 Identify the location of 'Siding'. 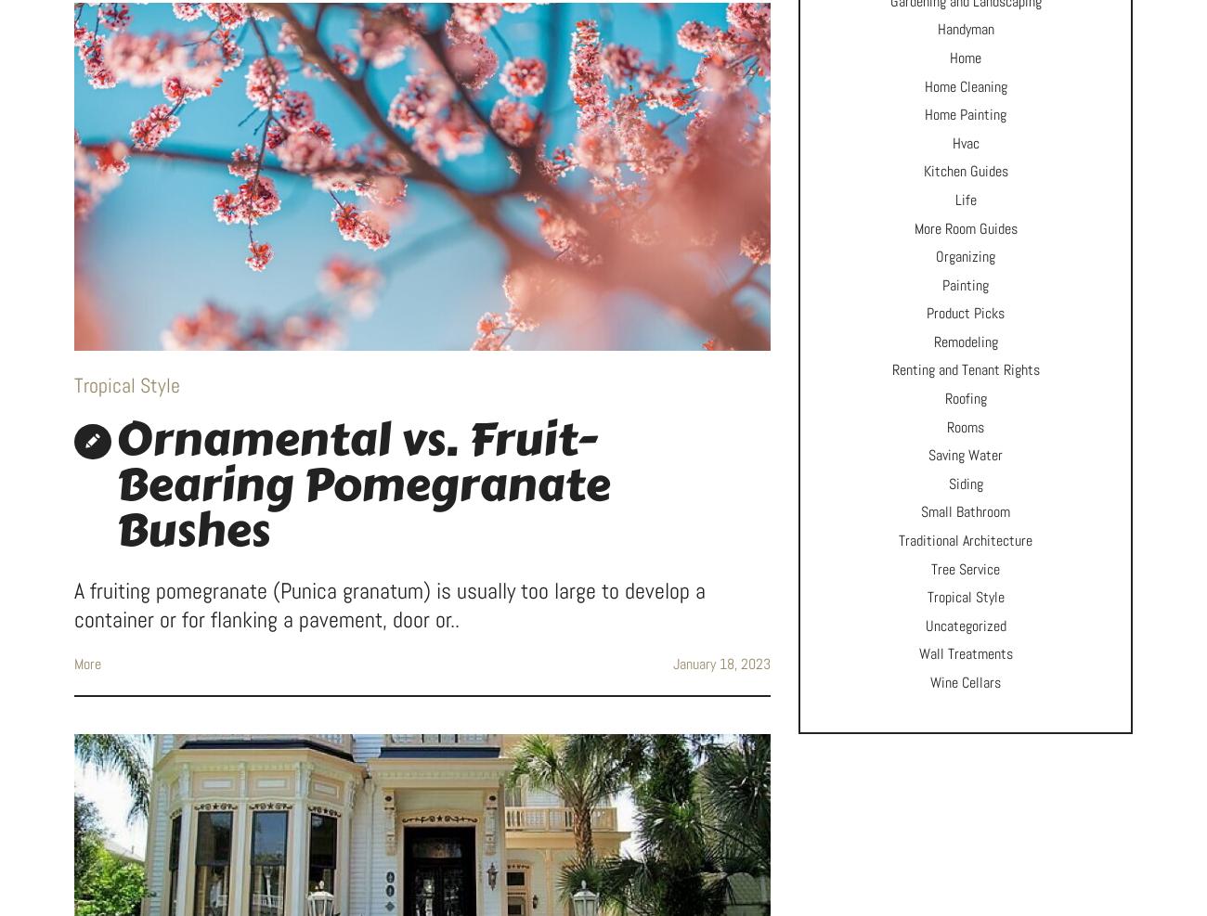
(965, 483).